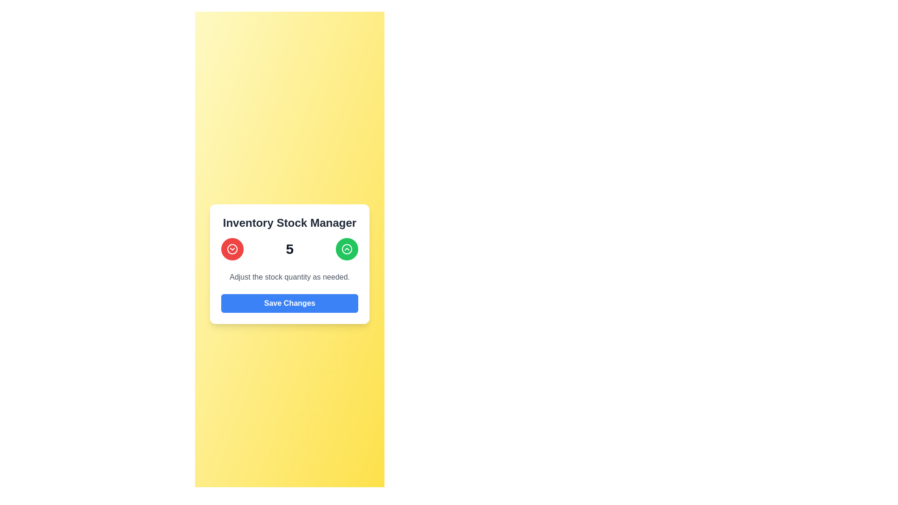  Describe the element at coordinates (347, 248) in the screenshot. I see `the decorative SVG circle located at the bottom center of the green circular icon within the 'Inventory Stock Manager' card` at that location.